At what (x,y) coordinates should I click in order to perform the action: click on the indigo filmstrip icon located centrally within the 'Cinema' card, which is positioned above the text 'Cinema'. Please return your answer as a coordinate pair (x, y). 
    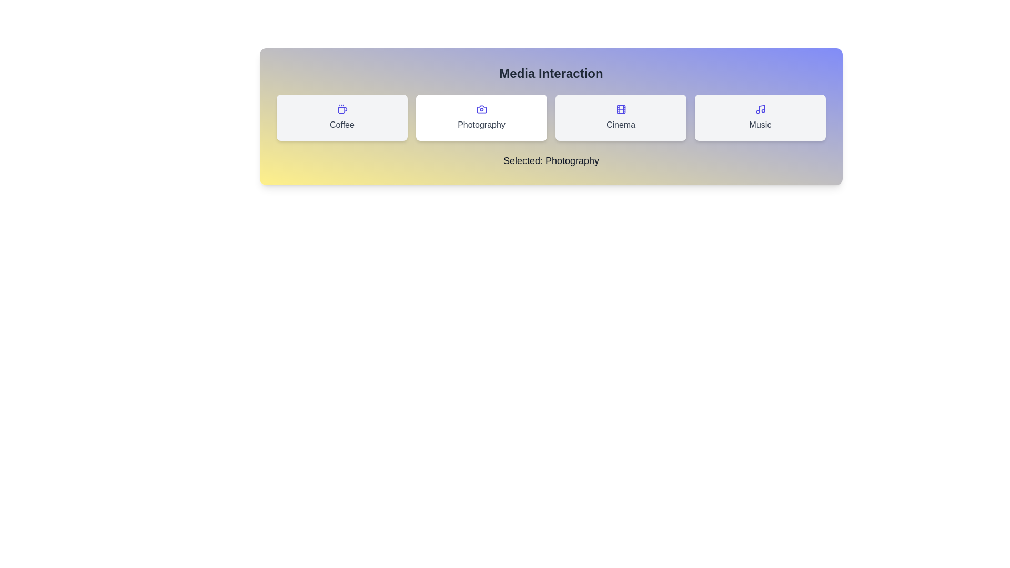
    Looking at the image, I should click on (621, 109).